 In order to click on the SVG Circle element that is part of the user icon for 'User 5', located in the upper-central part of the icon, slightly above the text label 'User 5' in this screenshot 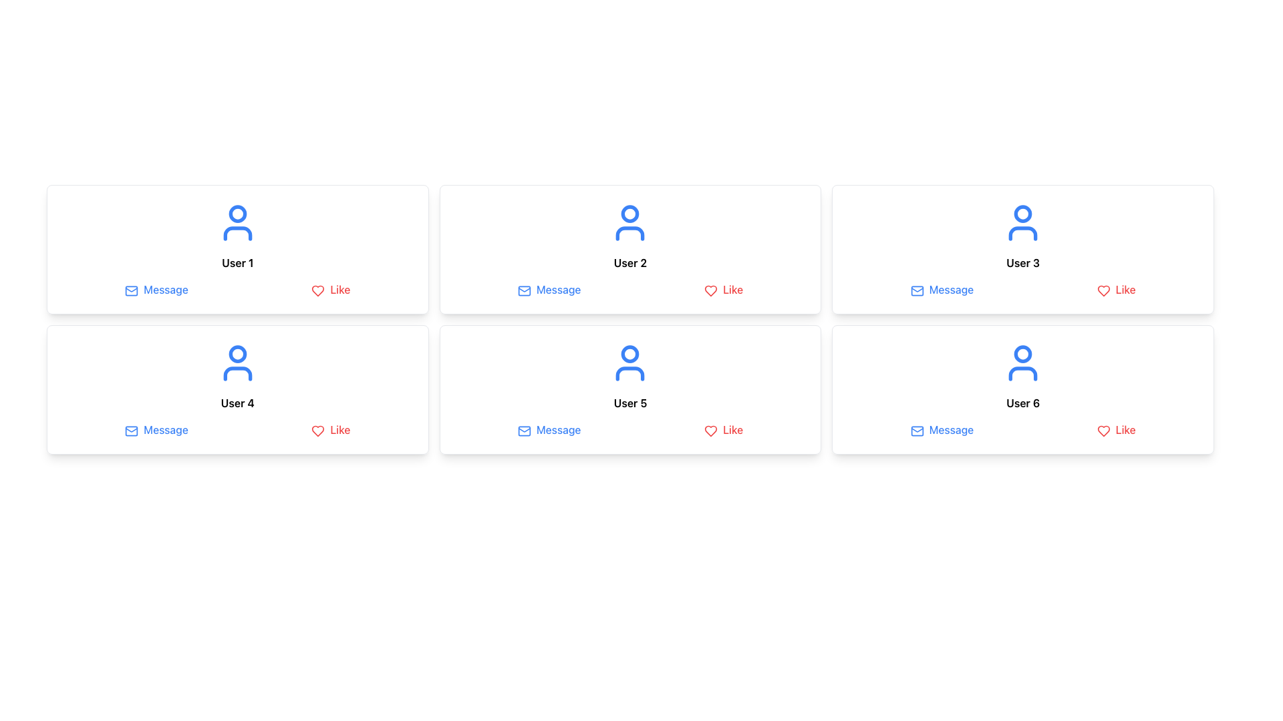, I will do `click(629, 353)`.